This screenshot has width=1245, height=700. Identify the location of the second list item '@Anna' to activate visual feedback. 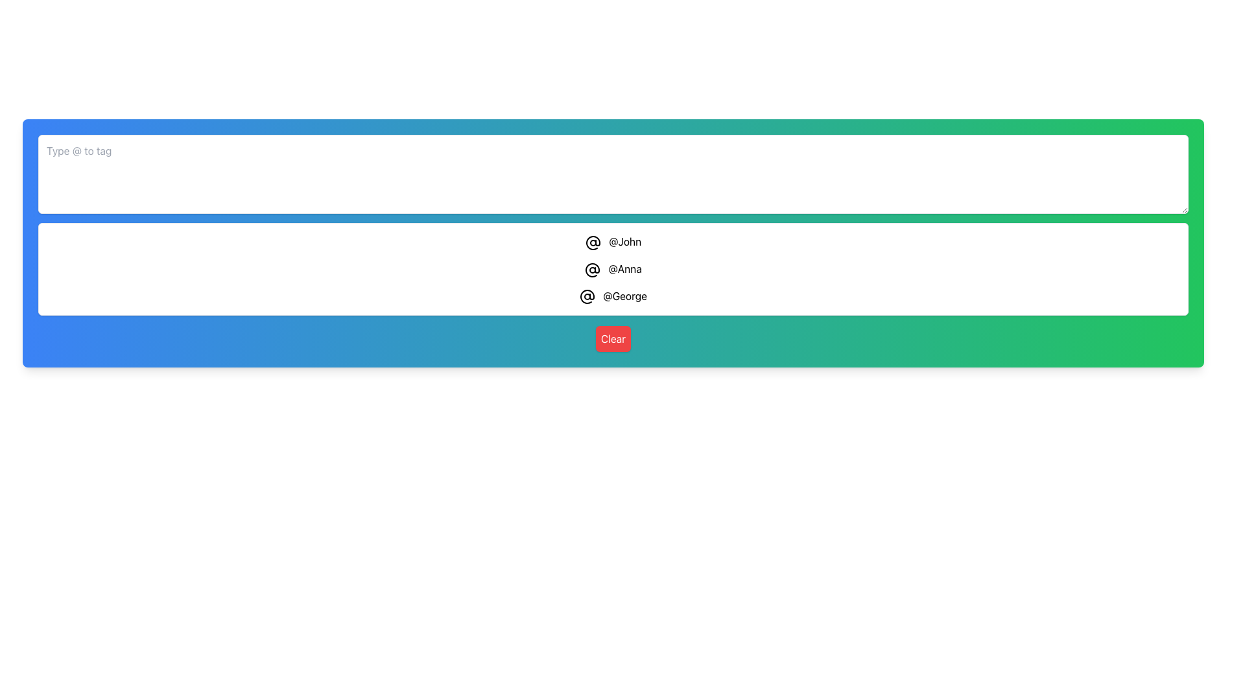
(612, 268).